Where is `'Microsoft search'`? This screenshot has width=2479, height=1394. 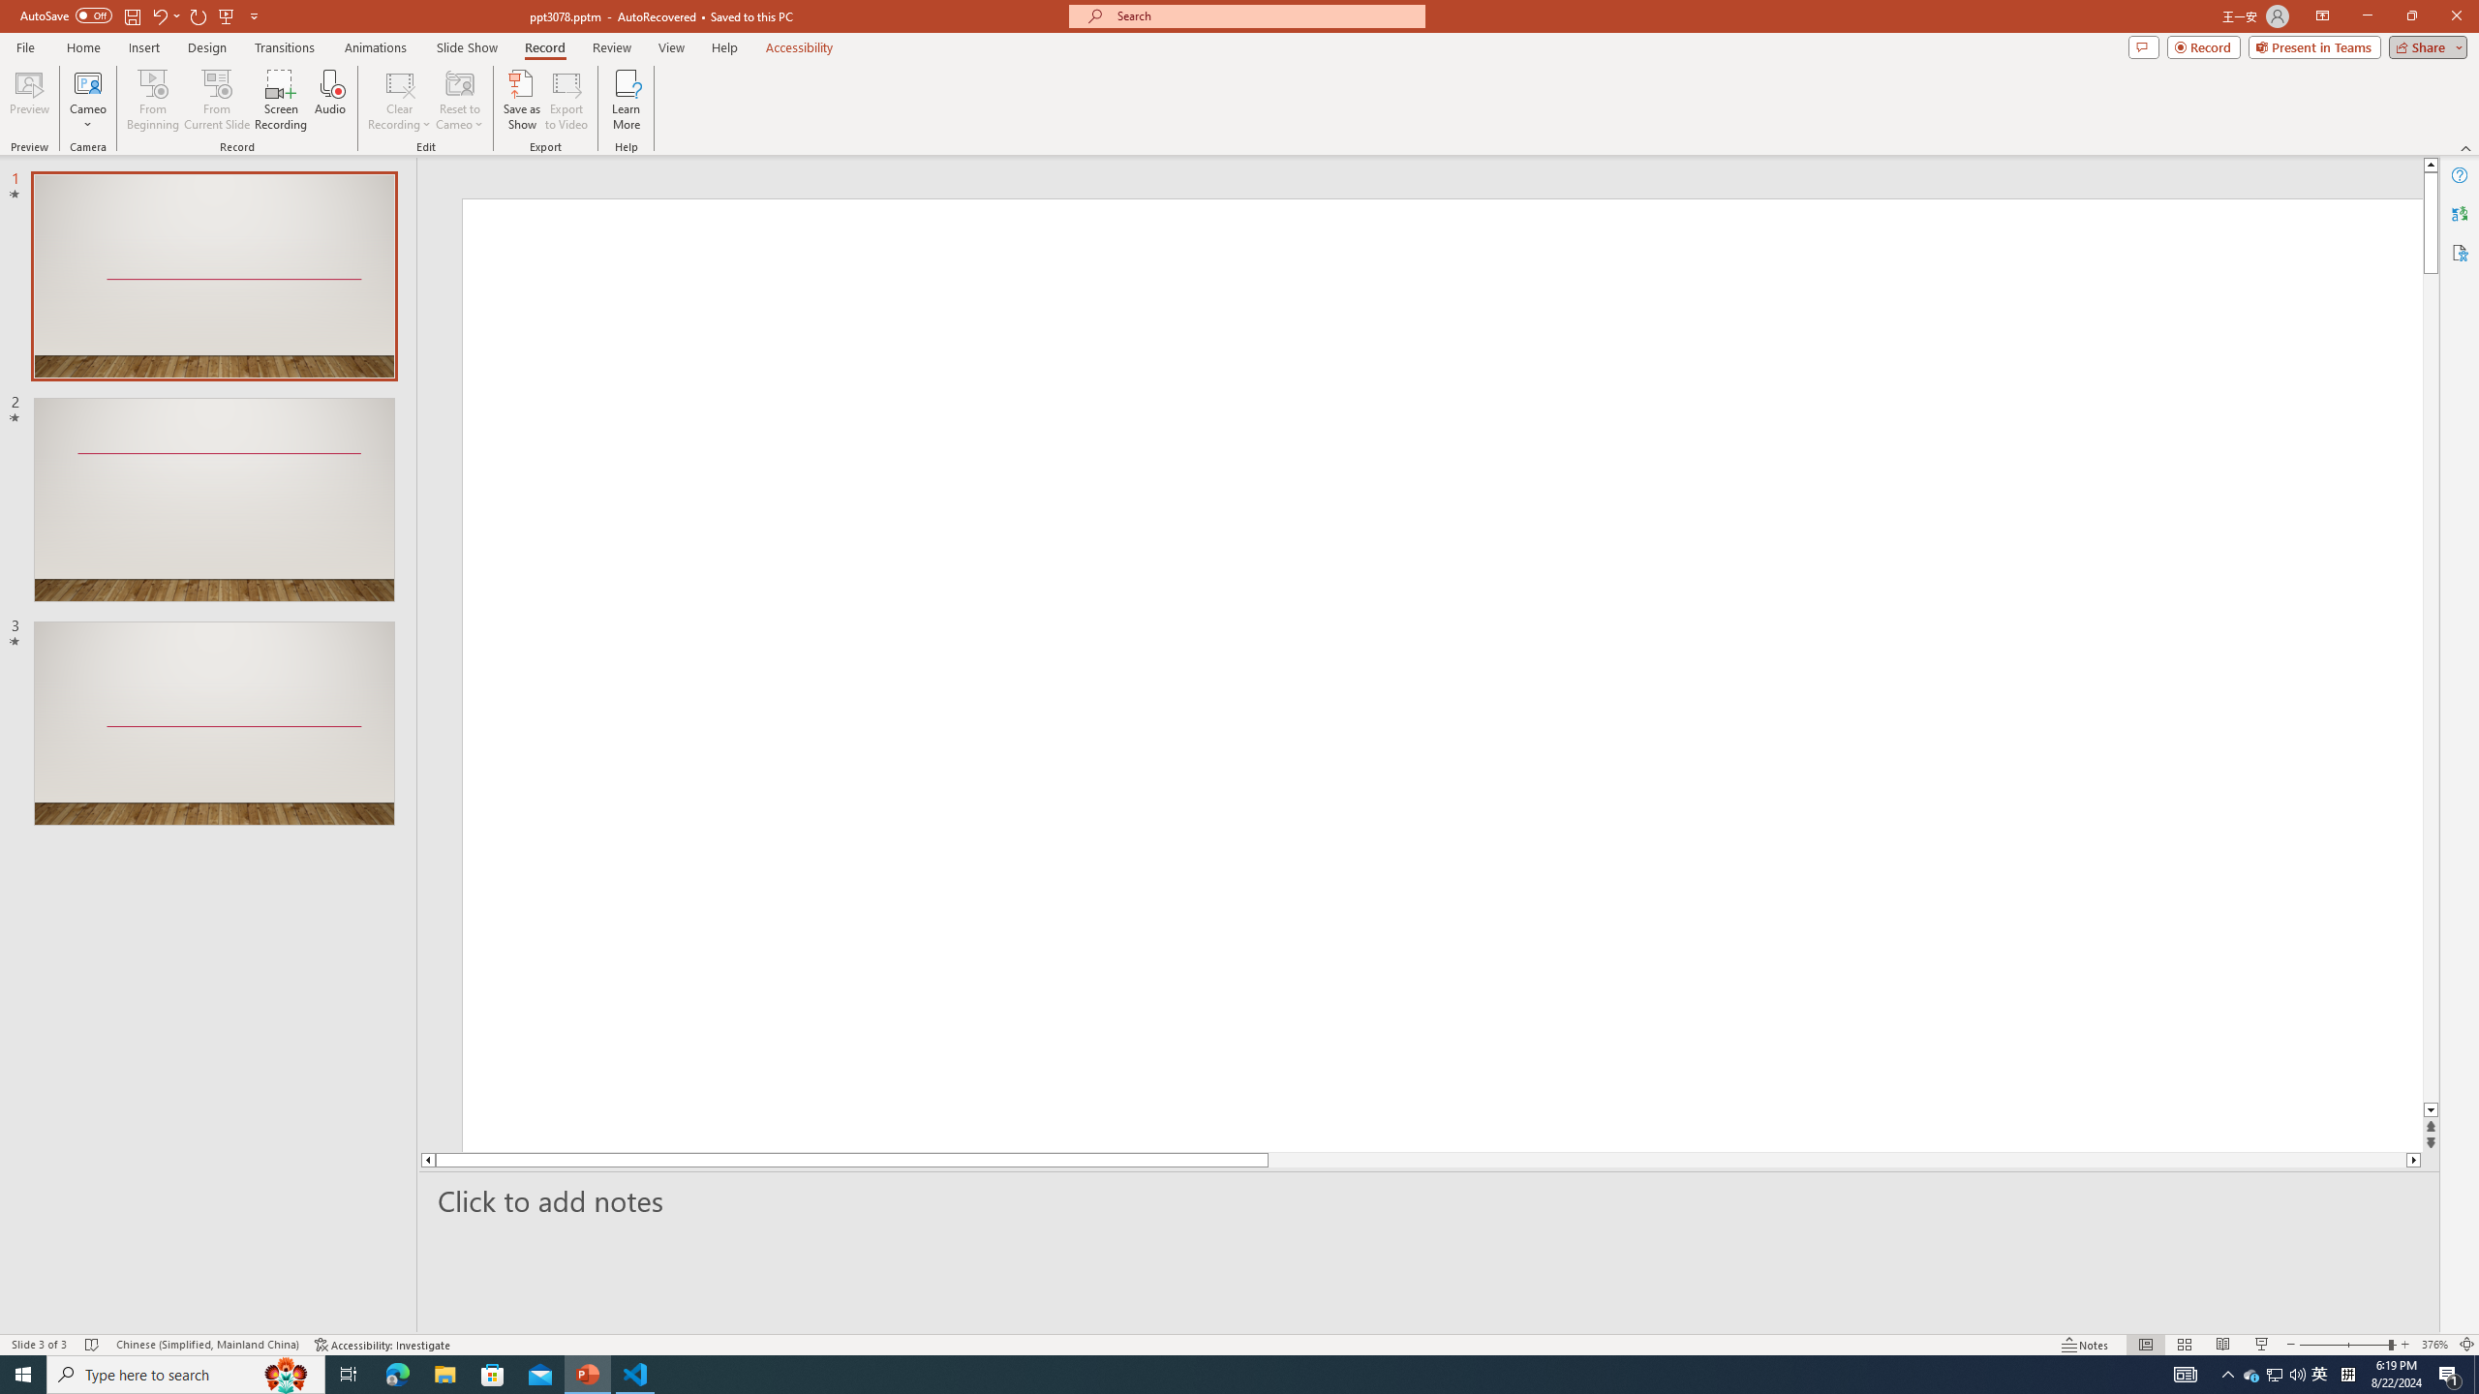
'Microsoft search' is located at coordinates (1263, 15).